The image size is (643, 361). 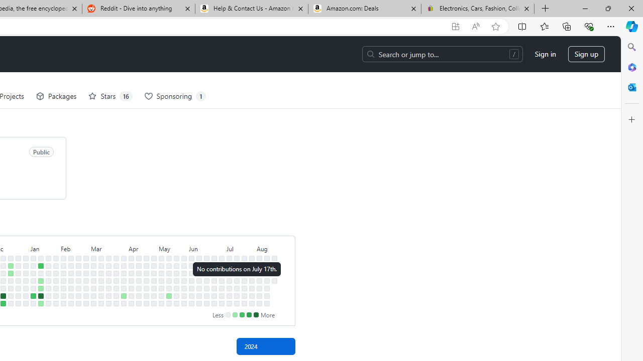 What do you see at coordinates (93, 303) in the screenshot?
I see `'No contributions on March 9th.'` at bounding box center [93, 303].